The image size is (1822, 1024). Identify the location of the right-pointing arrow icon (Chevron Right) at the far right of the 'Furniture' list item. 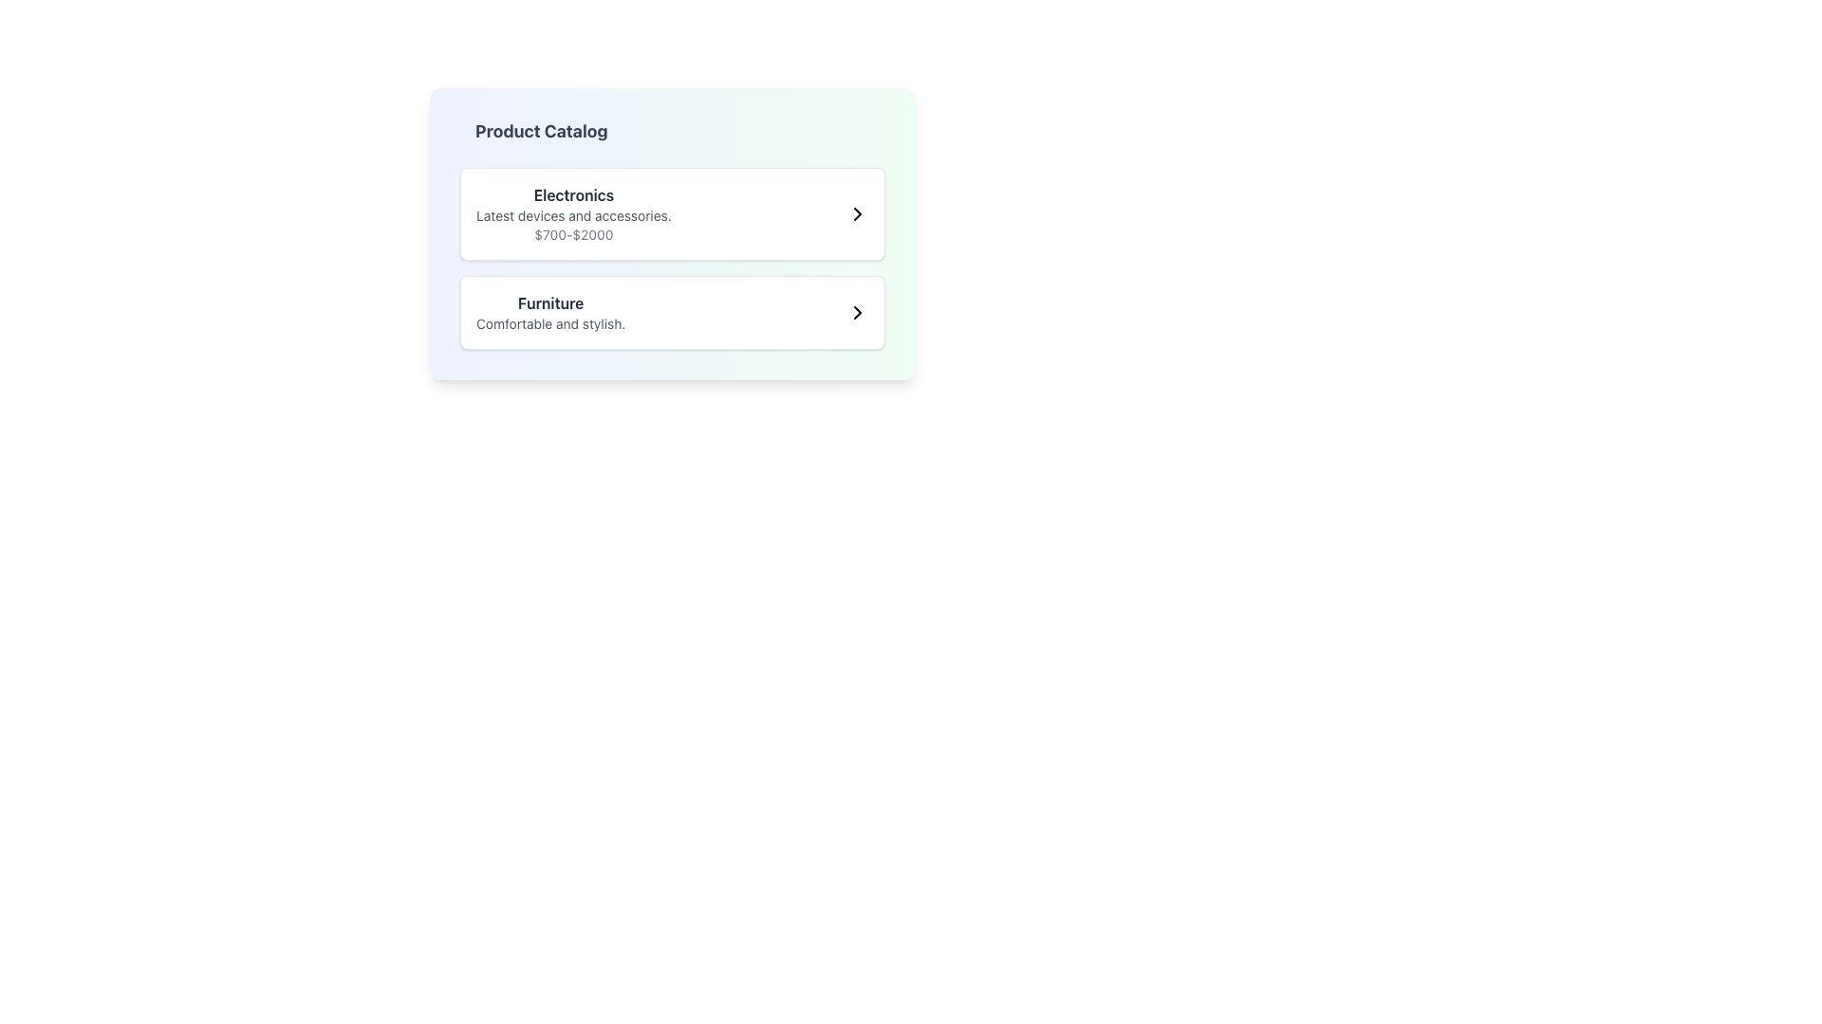
(856, 312).